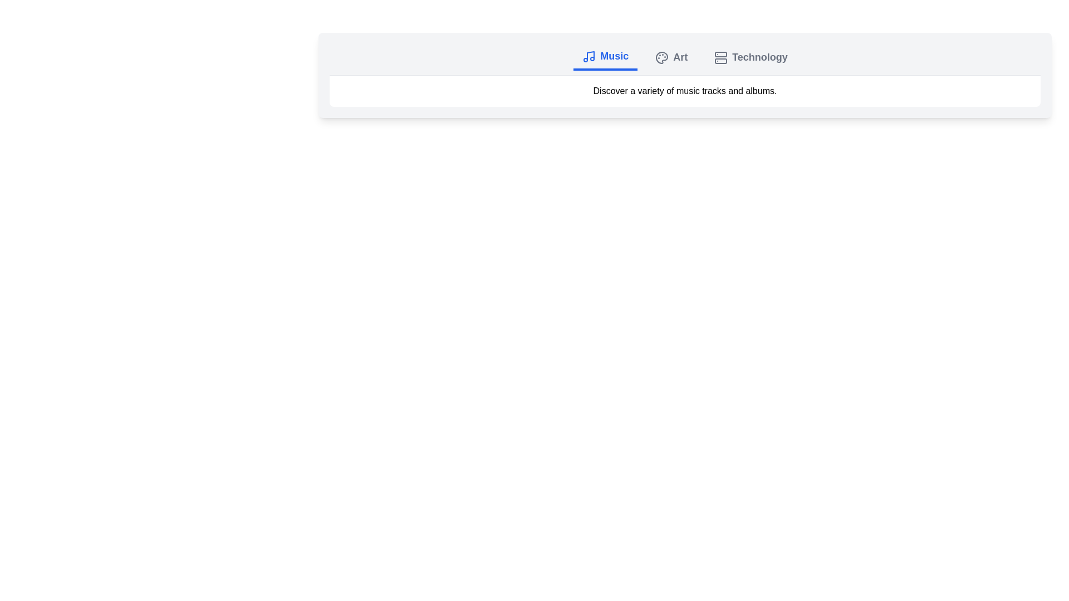 This screenshot has height=601, width=1069. I want to click on the Technology tab by clicking on it, so click(751, 57).